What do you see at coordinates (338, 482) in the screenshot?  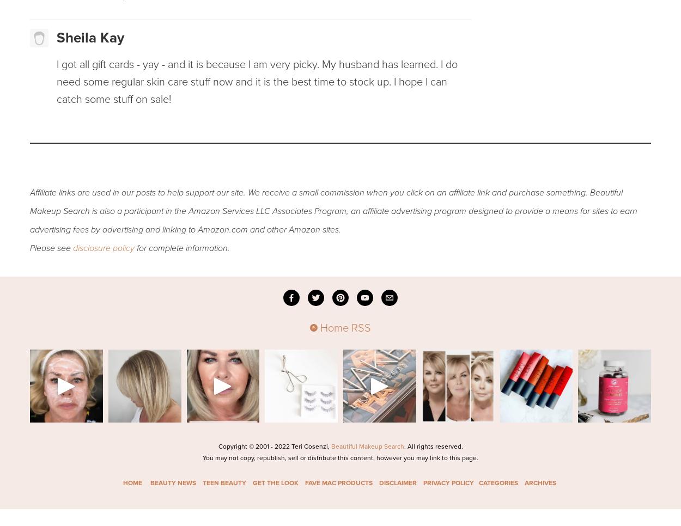 I see `'FAVE MAC PRODUCTS'` at bounding box center [338, 482].